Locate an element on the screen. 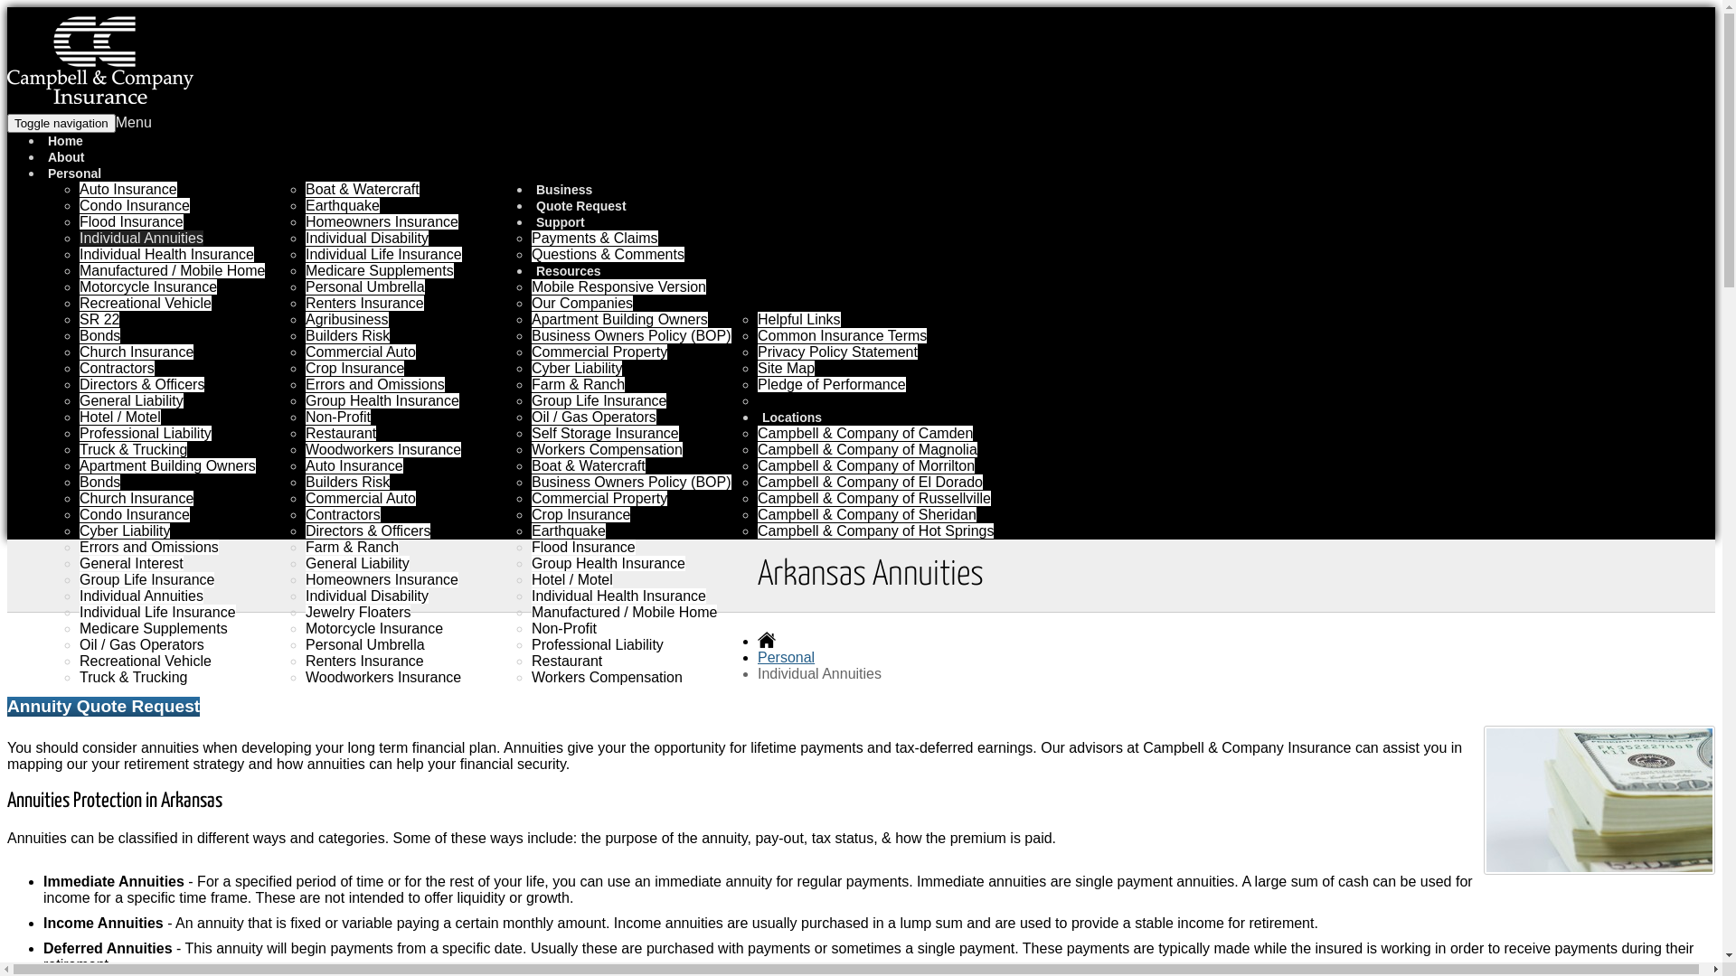 The width and height of the screenshot is (1736, 976). 'Privacy Policy Statement' is located at coordinates (758, 352).